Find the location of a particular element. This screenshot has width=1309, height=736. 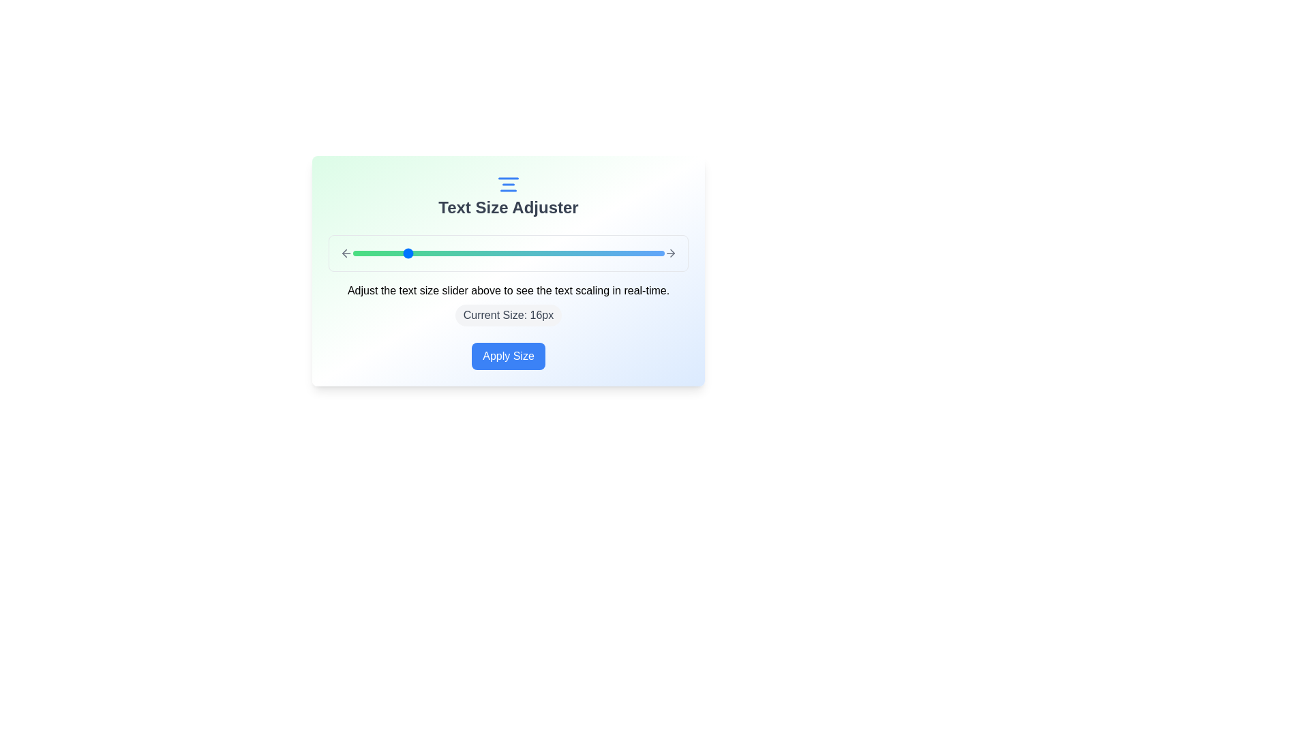

the text size slider to 14 px is located at coordinates (378, 253).